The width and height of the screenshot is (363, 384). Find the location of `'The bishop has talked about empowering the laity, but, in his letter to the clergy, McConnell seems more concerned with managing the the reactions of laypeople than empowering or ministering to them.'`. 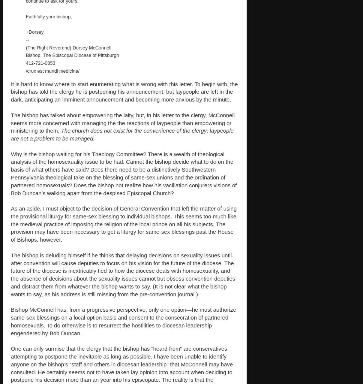

'The bishop has talked about empowering the laity, but, in his letter to the clergy, McConnell seems more concerned with managing the the reactions of laypeople than empowering or ministering to them.' is located at coordinates (122, 123).